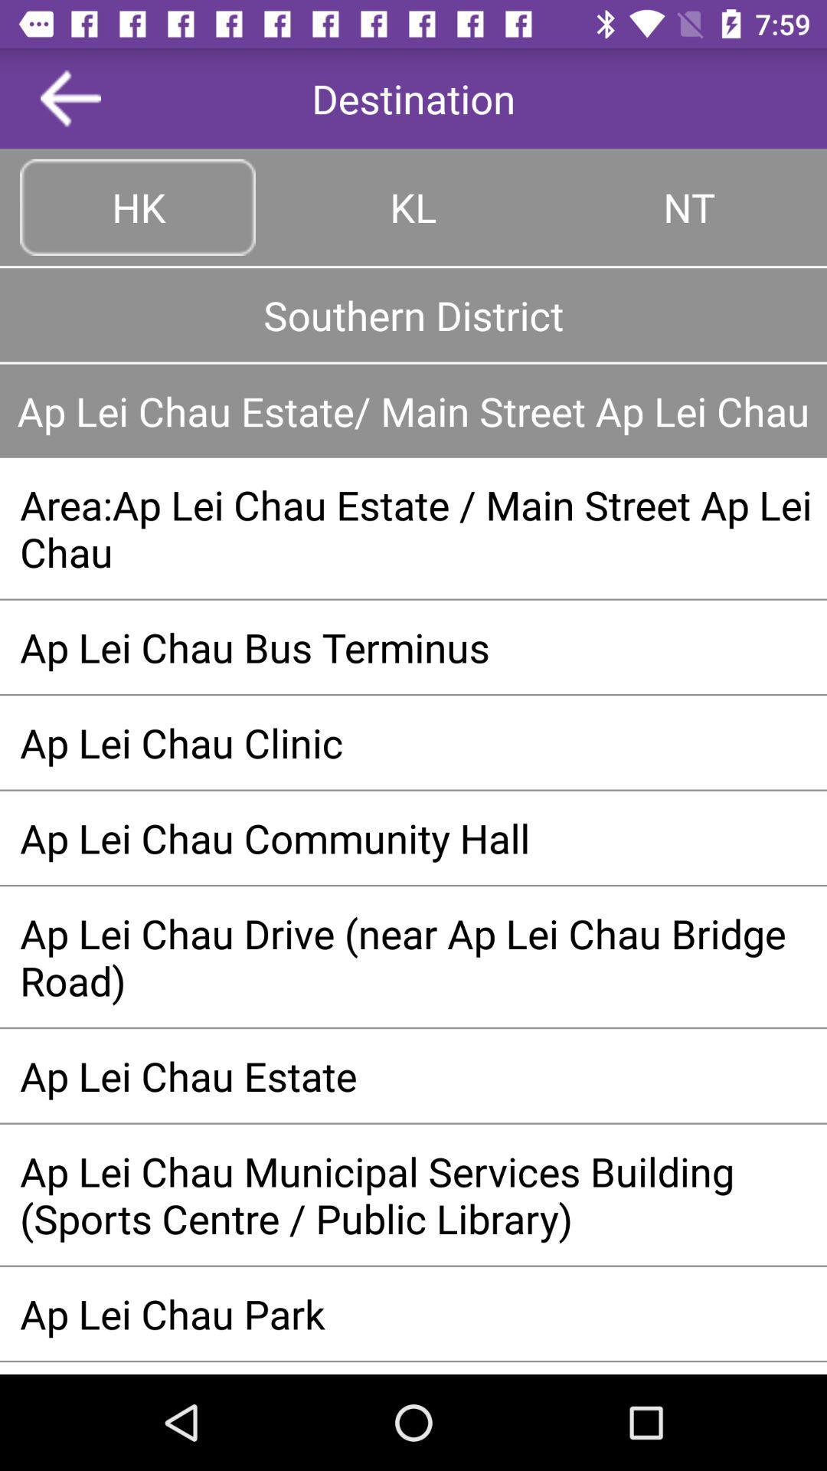 The width and height of the screenshot is (827, 1471). Describe the element at coordinates (138, 206) in the screenshot. I see `icon to the left of kl item` at that location.